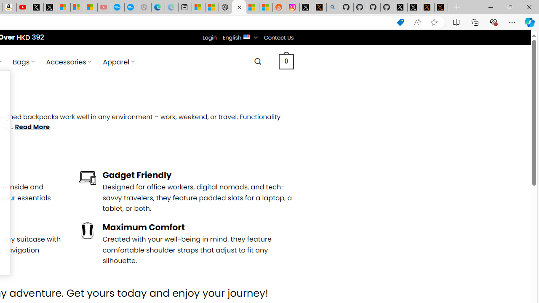  I want to click on '  0  ', so click(286, 61).